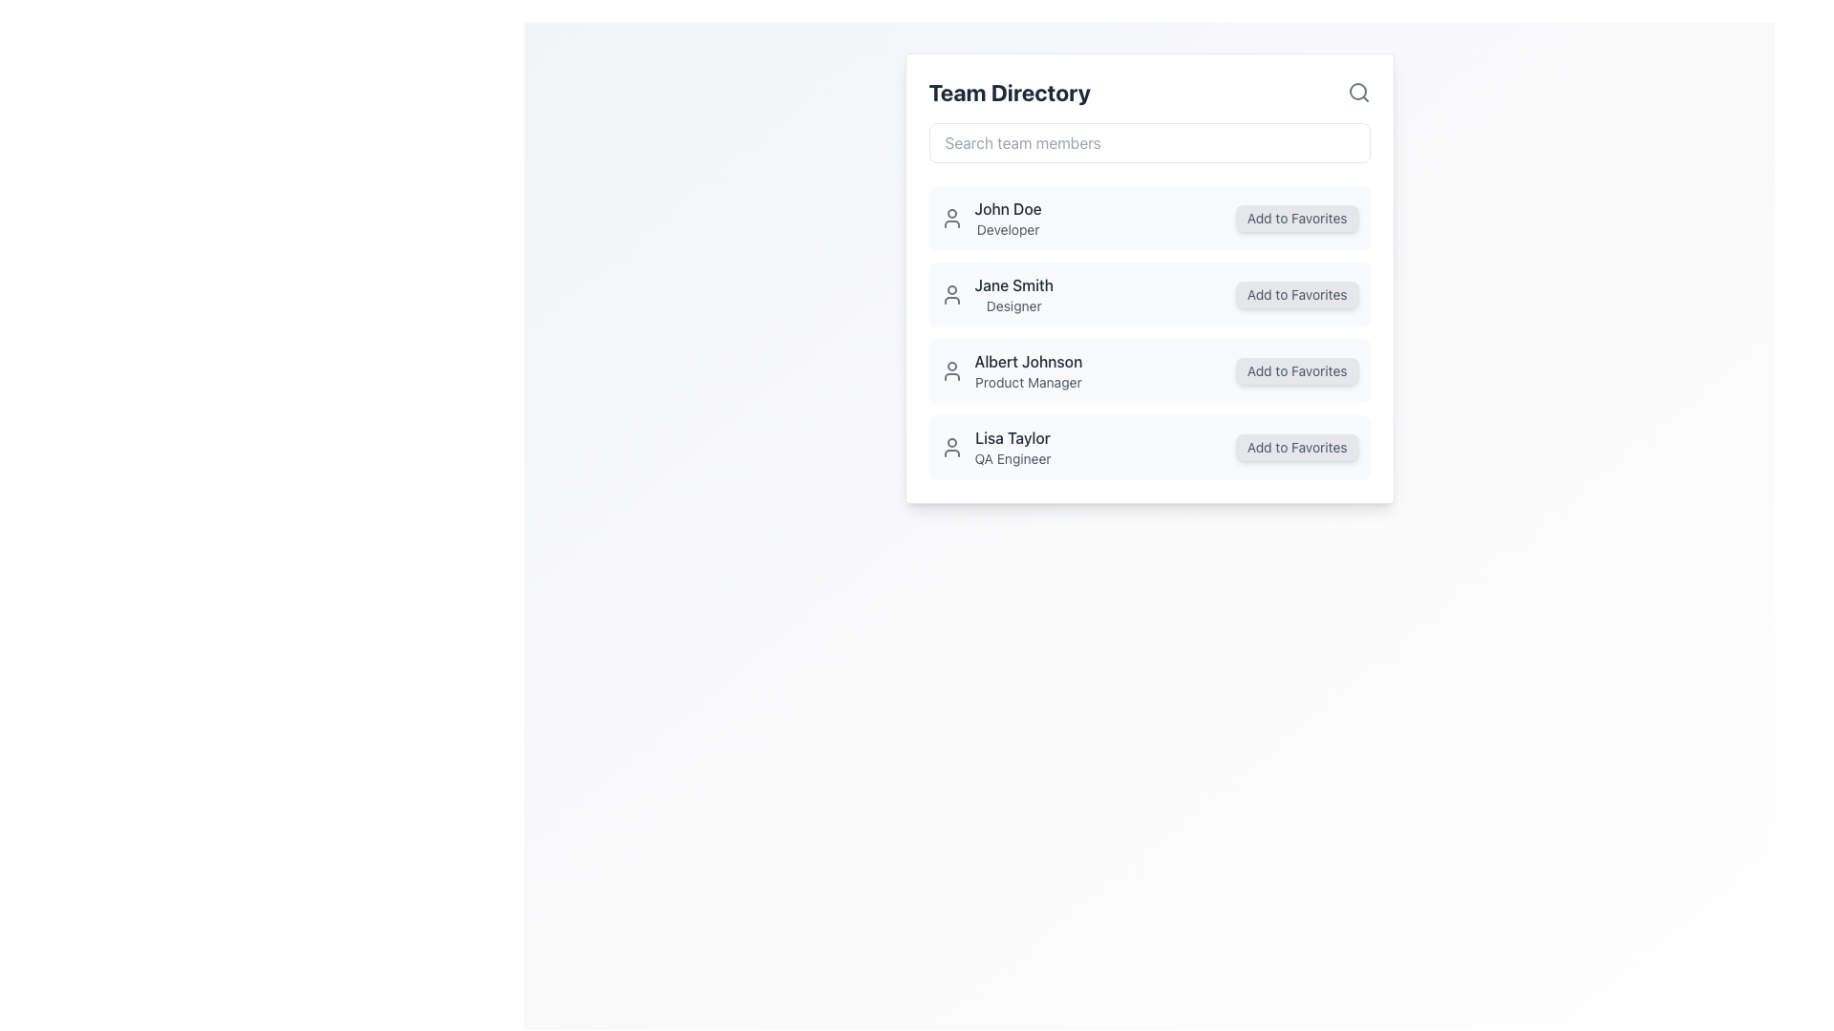 The image size is (1834, 1031). Describe the element at coordinates (995, 294) in the screenshot. I see `the profile entry of 'Jane Smith', which includes her name in bold and the title 'Designer', located in the Team Directory list` at that location.